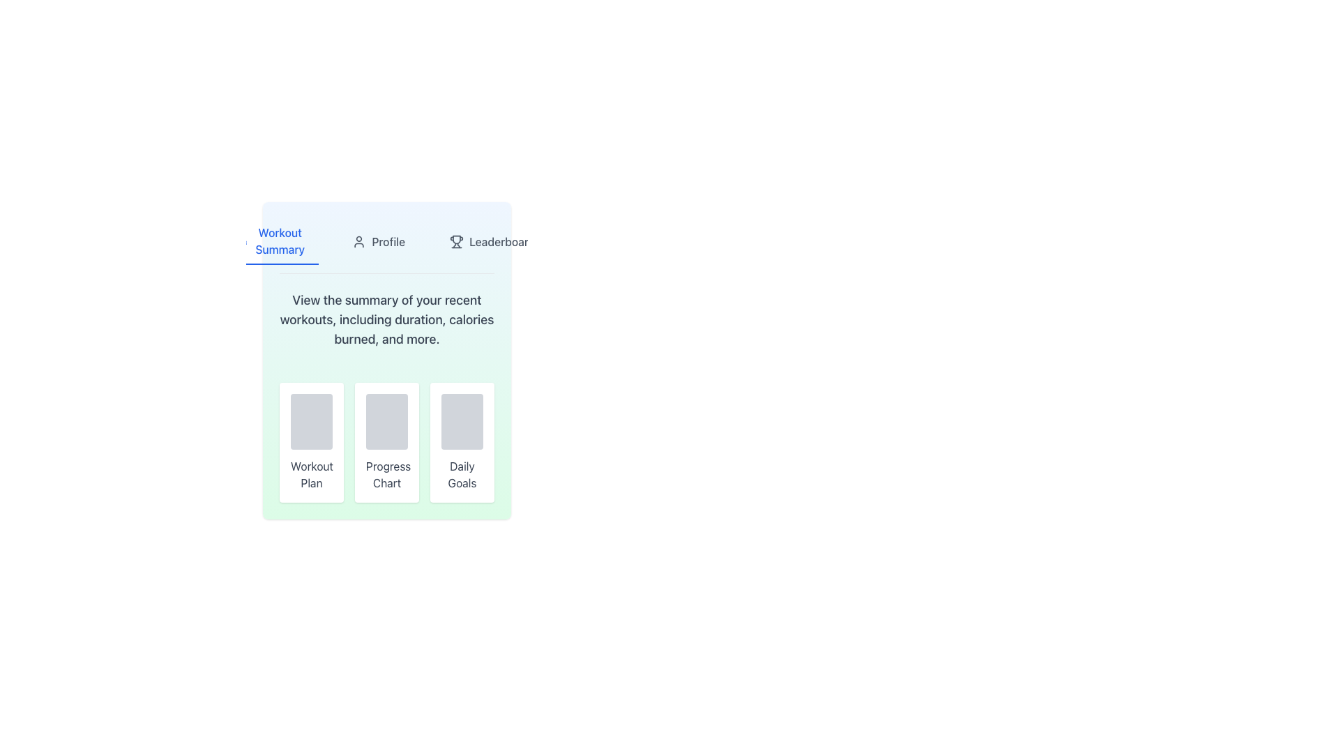  Describe the element at coordinates (310, 421) in the screenshot. I see `the decorative placeholder element, which is a light gray rectangular box with rounded corners located in the 'Workout Plan' card group` at that location.